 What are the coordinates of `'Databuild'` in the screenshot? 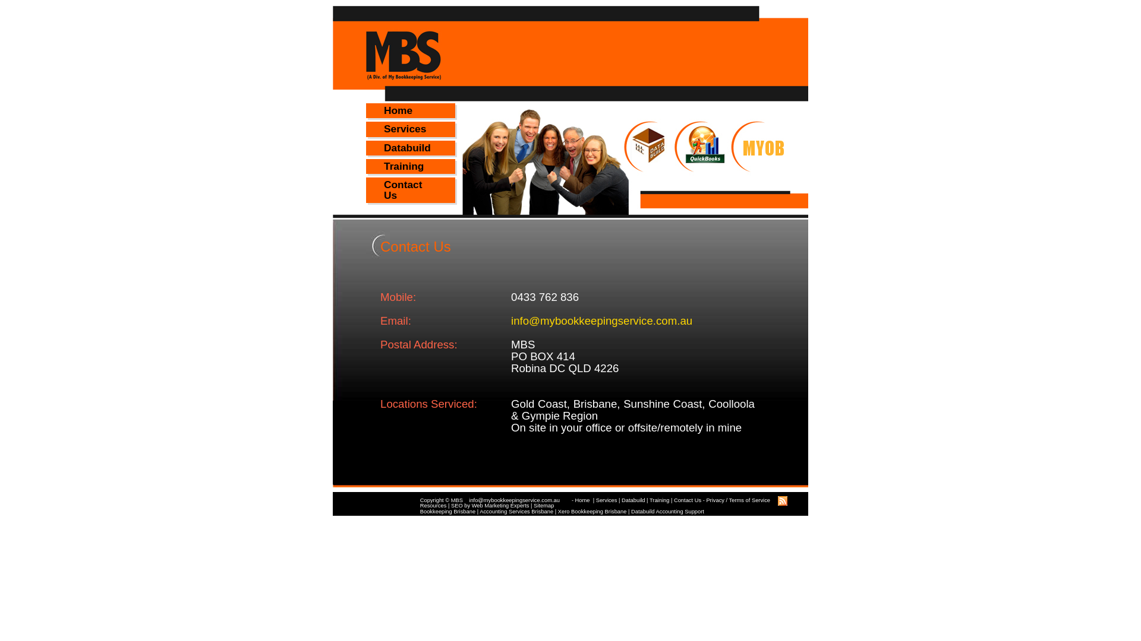 It's located at (632, 500).